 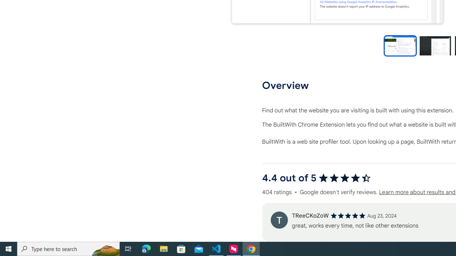 What do you see at coordinates (68, 248) in the screenshot?
I see `'Type here to search'` at bounding box center [68, 248].